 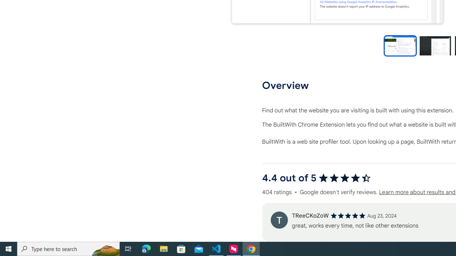 What do you see at coordinates (68, 248) in the screenshot?
I see `'Type here to search'` at bounding box center [68, 248].